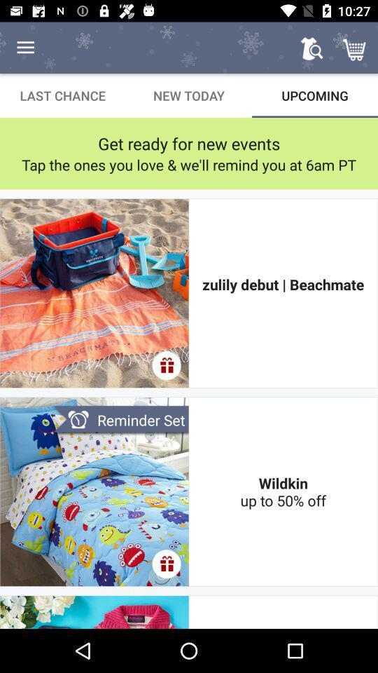  Describe the element at coordinates (189, 143) in the screenshot. I see `get ready for` at that location.